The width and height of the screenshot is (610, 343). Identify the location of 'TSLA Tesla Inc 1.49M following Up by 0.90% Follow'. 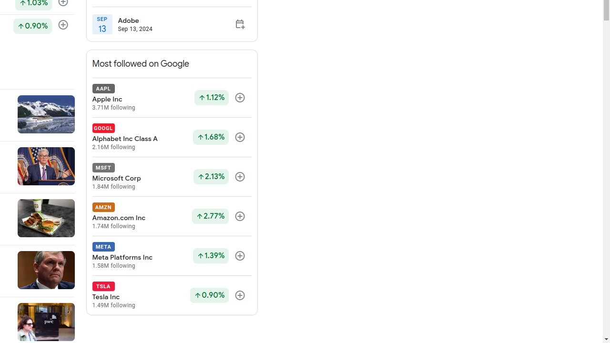
(172, 294).